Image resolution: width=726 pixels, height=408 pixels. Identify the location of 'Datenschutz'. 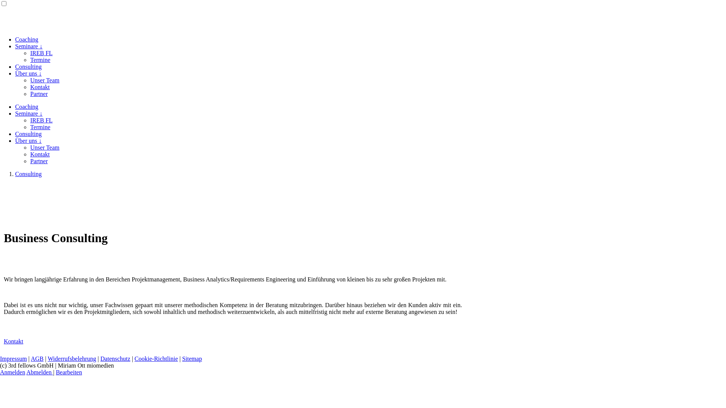
(100, 358).